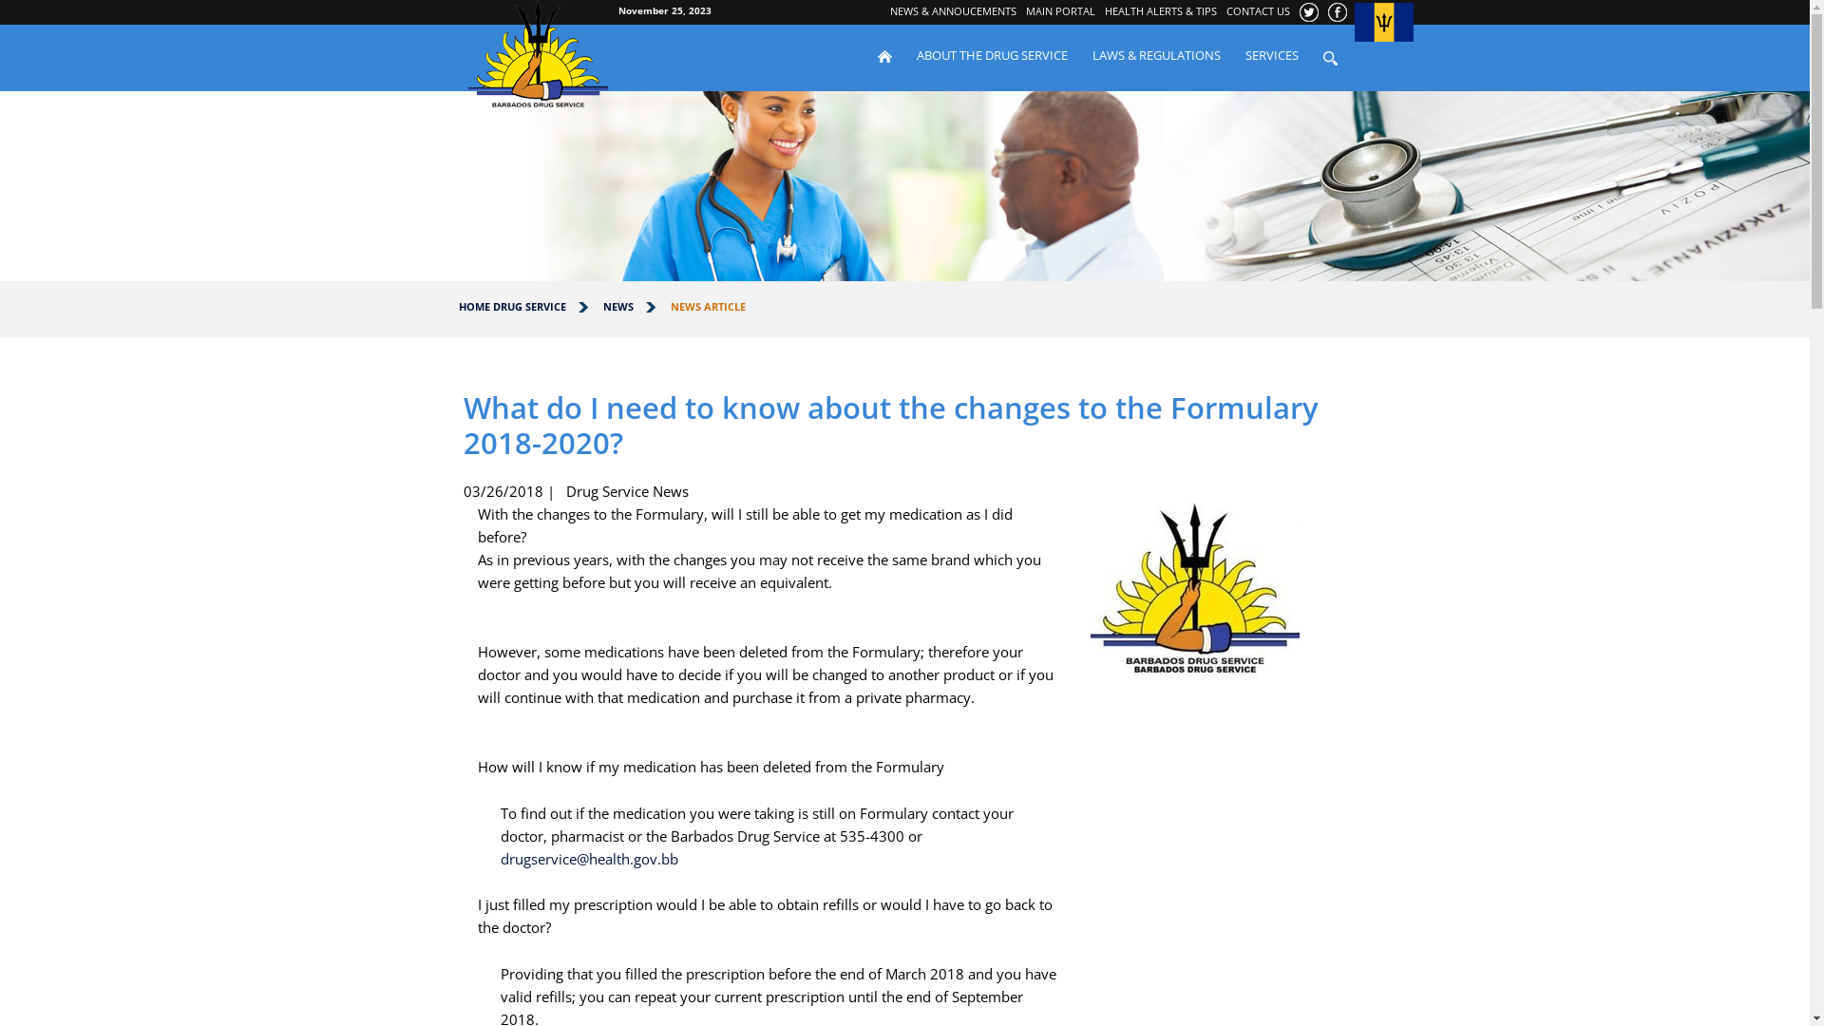  I want to click on 'NEWS ARTICLE', so click(670, 305).